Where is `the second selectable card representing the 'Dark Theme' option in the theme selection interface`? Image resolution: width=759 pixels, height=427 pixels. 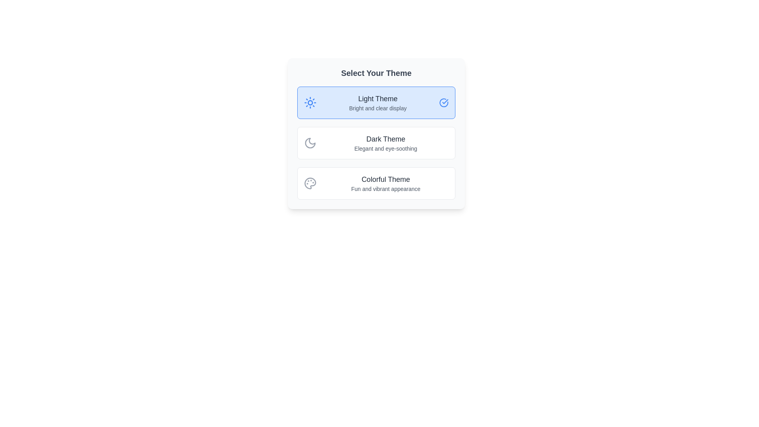
the second selectable card representing the 'Dark Theme' option in the theme selection interface is located at coordinates (376, 143).